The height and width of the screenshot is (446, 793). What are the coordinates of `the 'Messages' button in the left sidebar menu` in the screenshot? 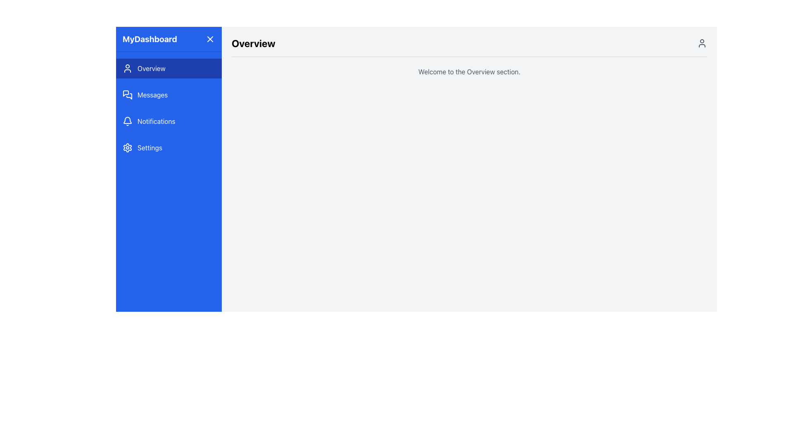 It's located at (168, 95).